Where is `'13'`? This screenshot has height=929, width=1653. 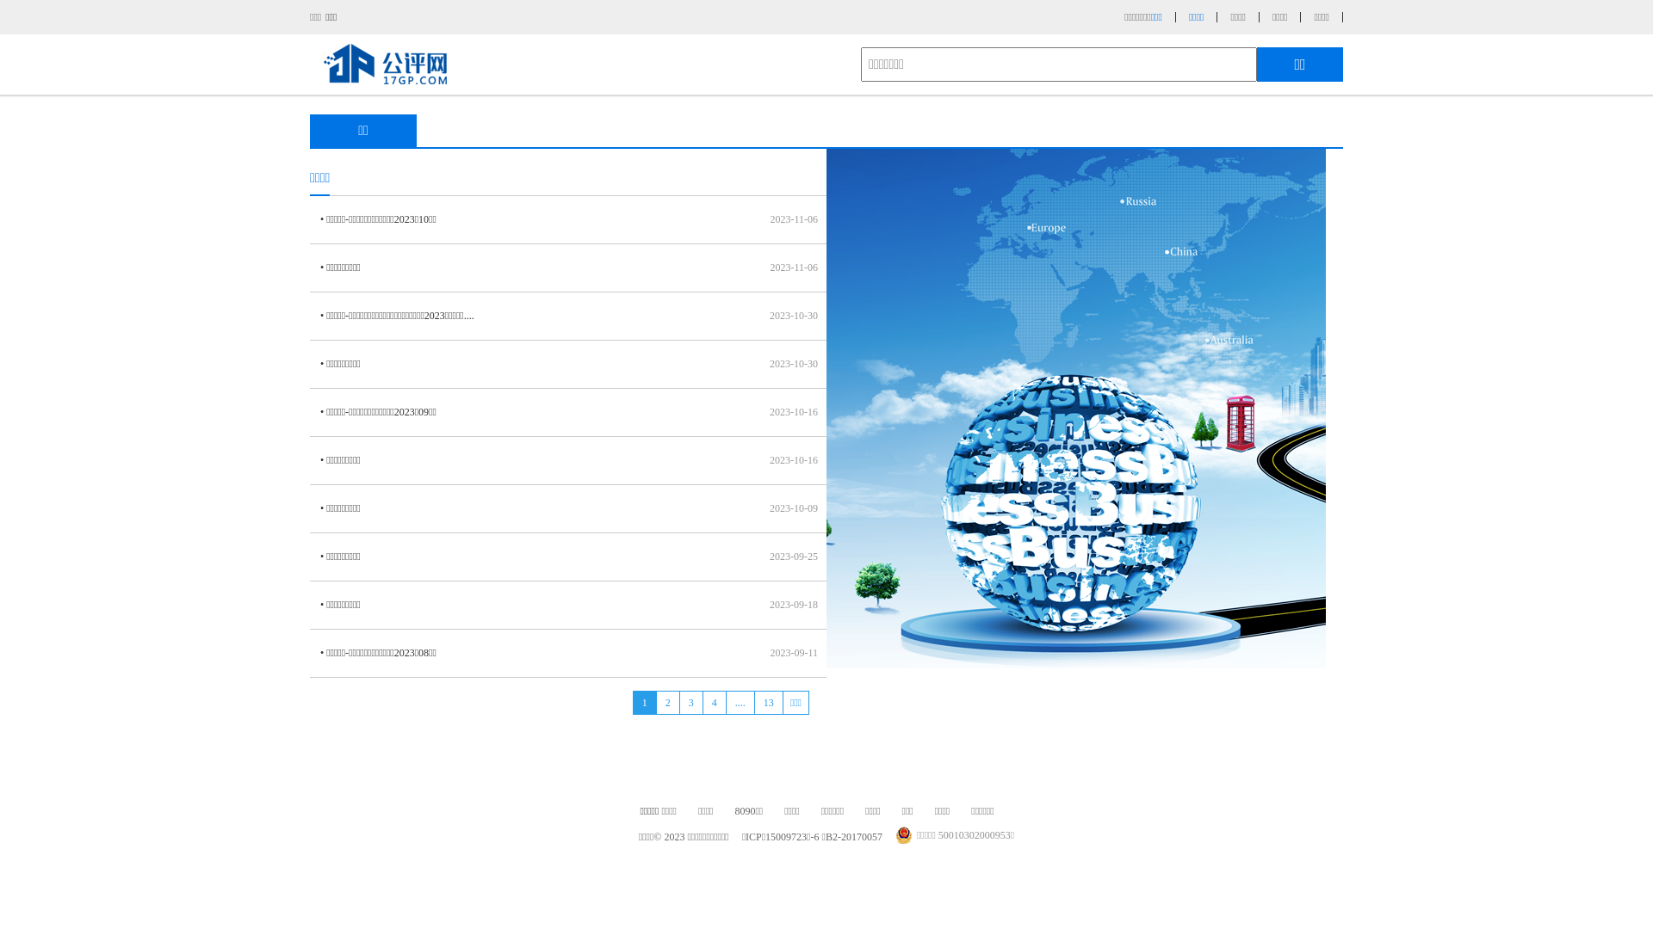 '13' is located at coordinates (753, 703).